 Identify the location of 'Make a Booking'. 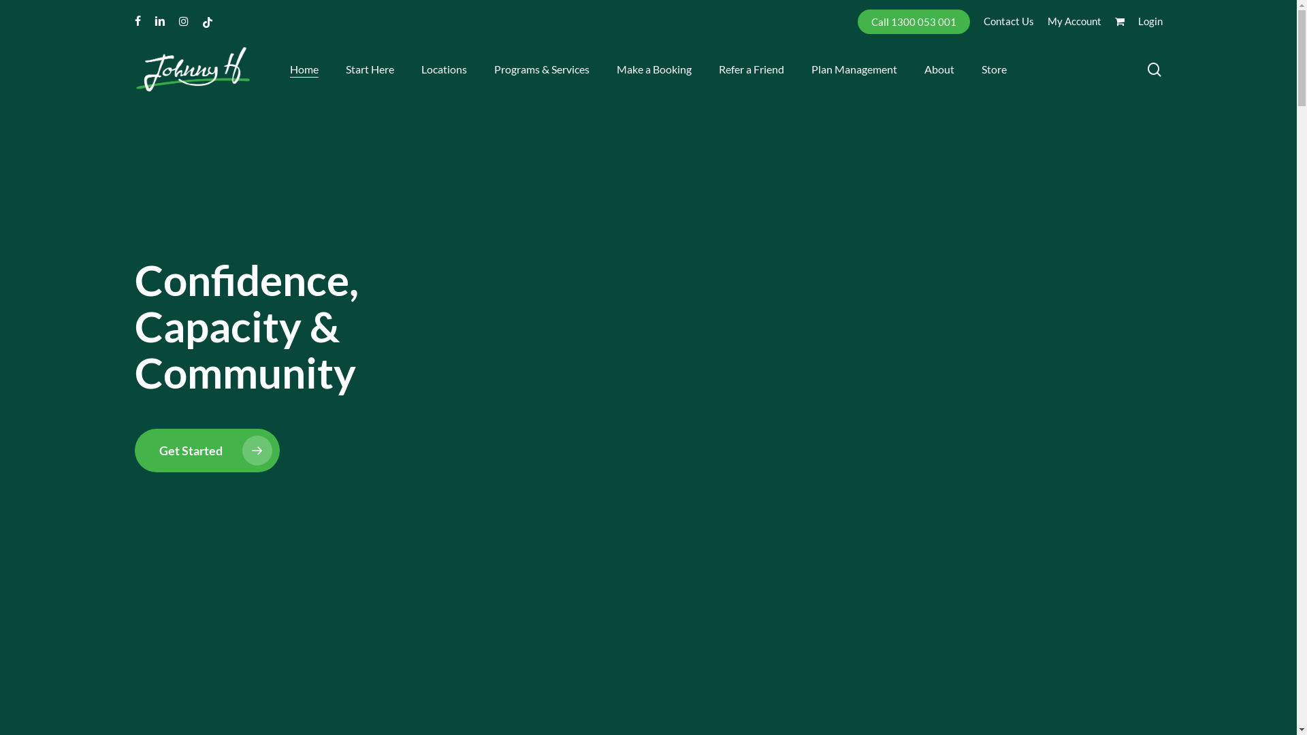
(653, 69).